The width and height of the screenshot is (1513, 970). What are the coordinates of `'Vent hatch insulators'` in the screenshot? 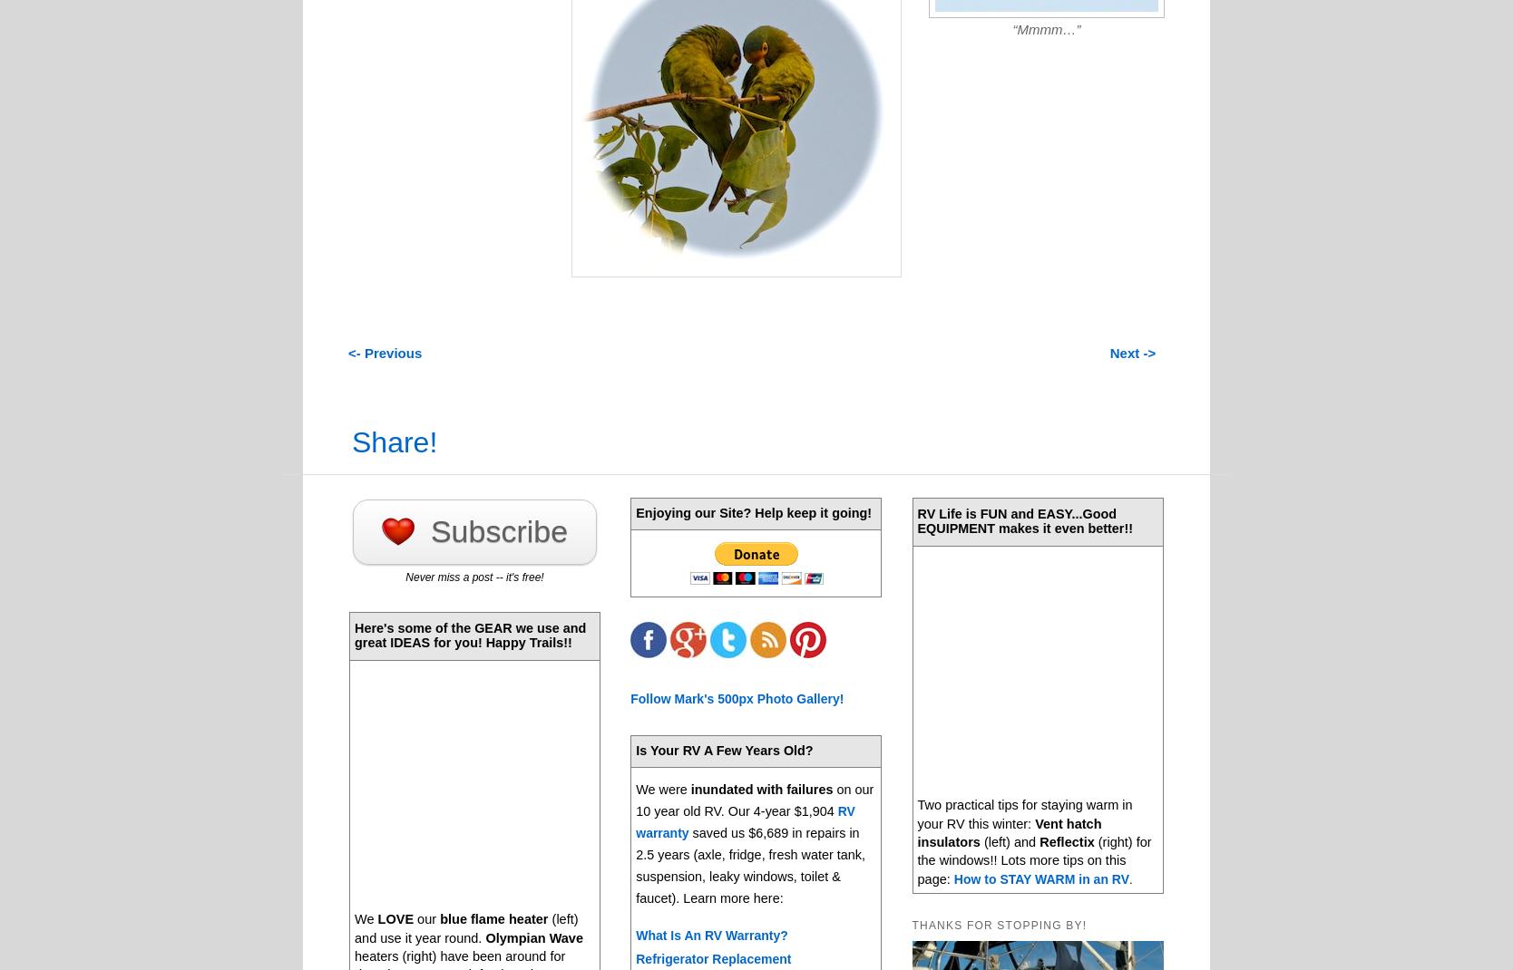 It's located at (1009, 830).